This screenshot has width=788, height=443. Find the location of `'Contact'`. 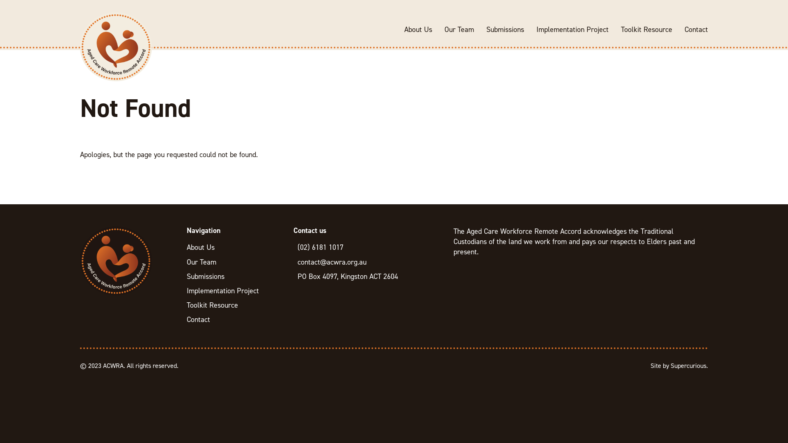

'Contact' is located at coordinates (234, 319).